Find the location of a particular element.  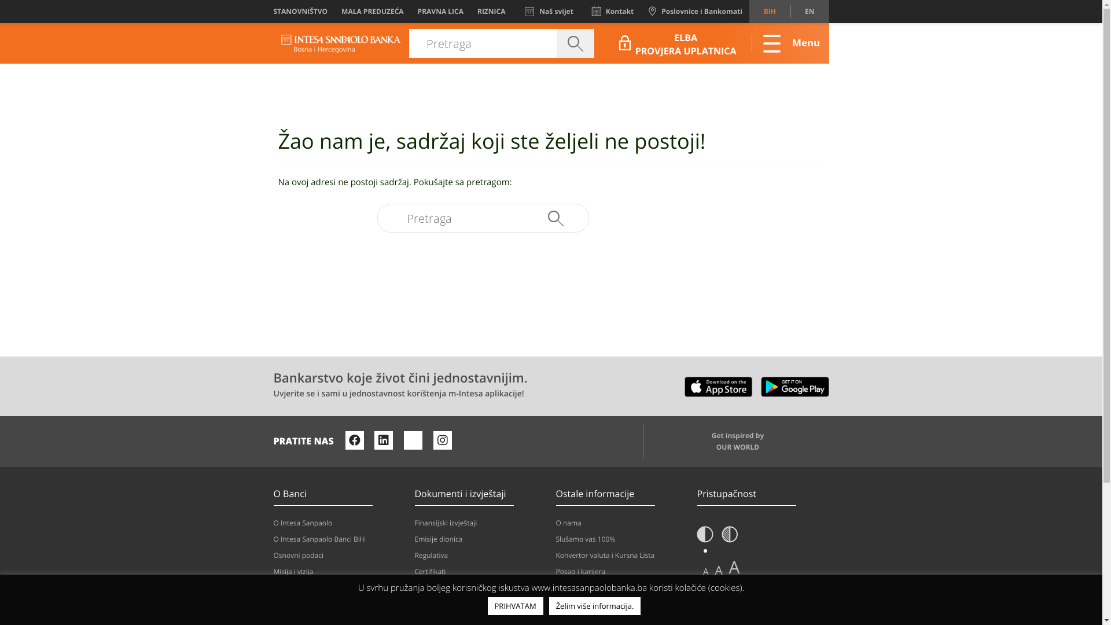

'A' is located at coordinates (718, 570).